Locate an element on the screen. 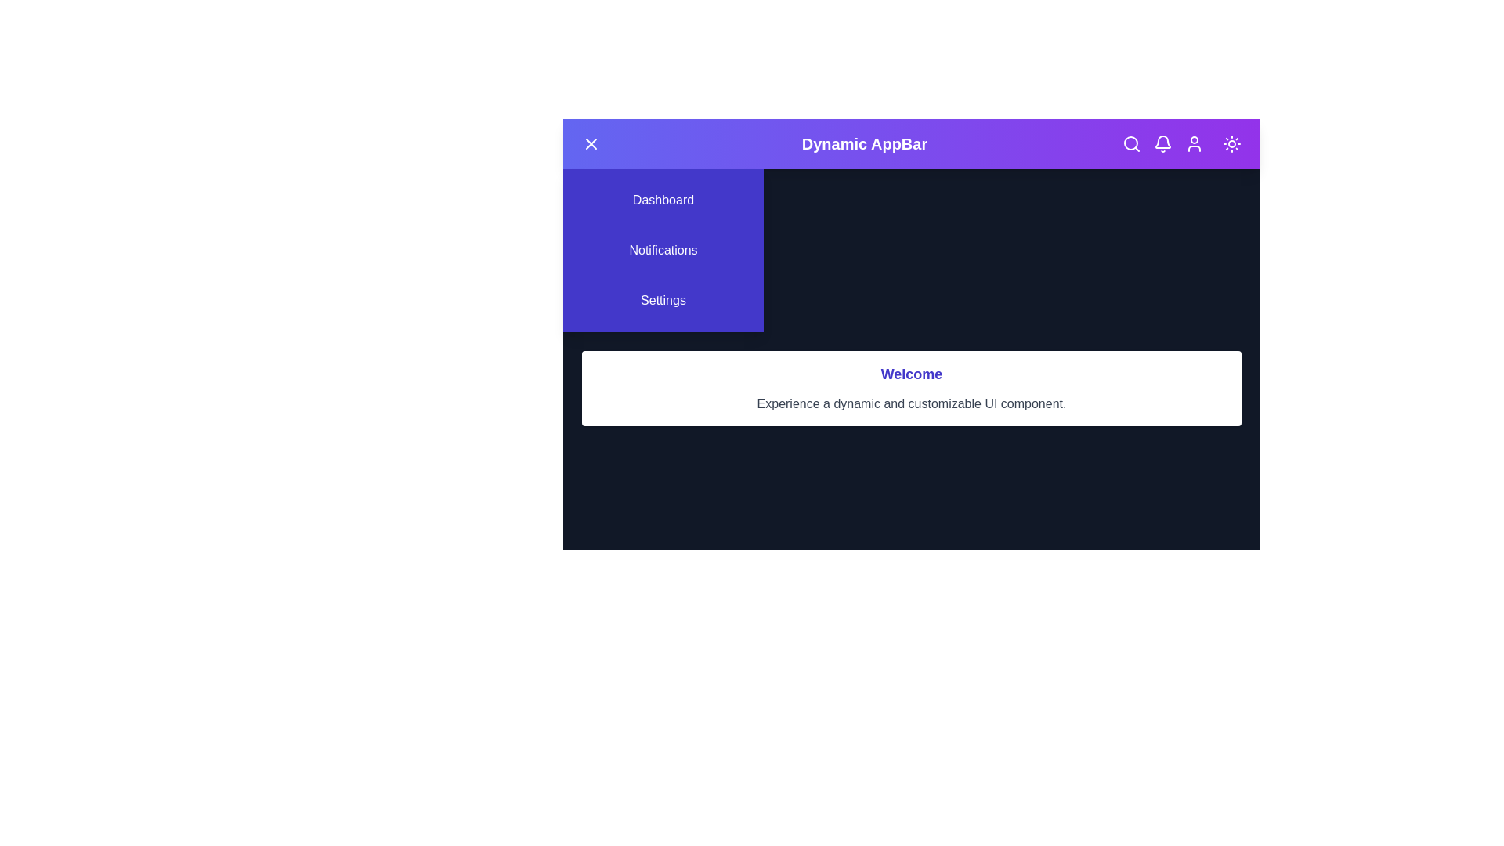 The height and width of the screenshot is (846, 1504). the menu toggle button to toggle the menu open or close is located at coordinates (590, 144).